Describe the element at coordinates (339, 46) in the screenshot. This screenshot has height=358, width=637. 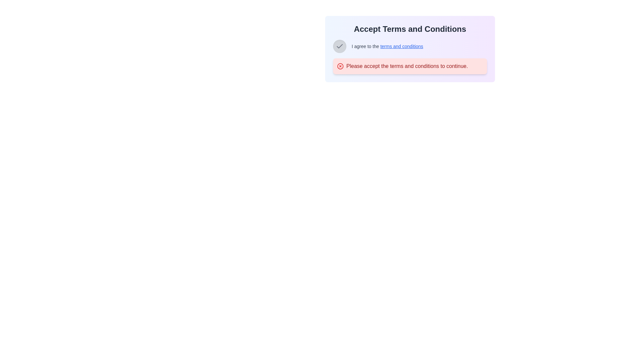
I see `the status of the checkmark icon within the checkbox, which indicates agreement to terms` at that location.